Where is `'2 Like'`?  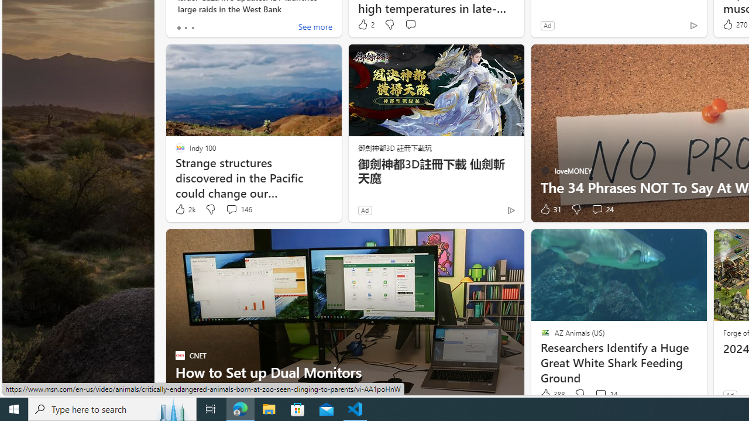 '2 Like' is located at coordinates (365, 25).